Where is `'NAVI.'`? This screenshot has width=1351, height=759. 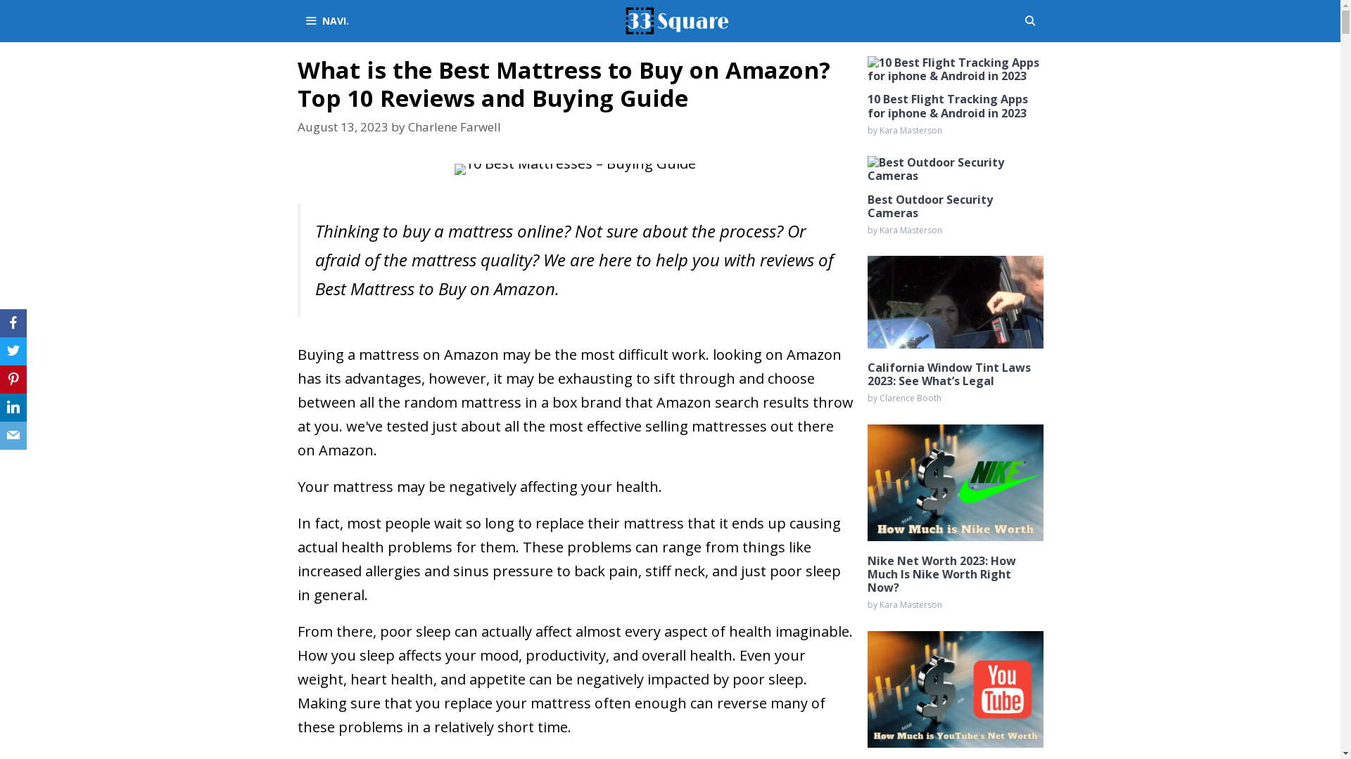
'NAVI.' is located at coordinates (325, 21).